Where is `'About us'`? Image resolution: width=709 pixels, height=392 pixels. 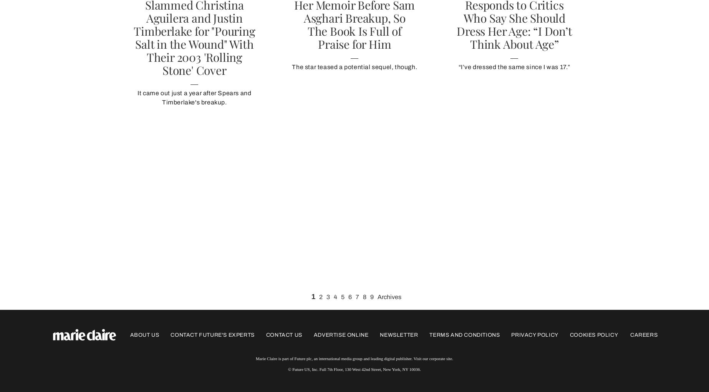
'About us' is located at coordinates (144, 334).